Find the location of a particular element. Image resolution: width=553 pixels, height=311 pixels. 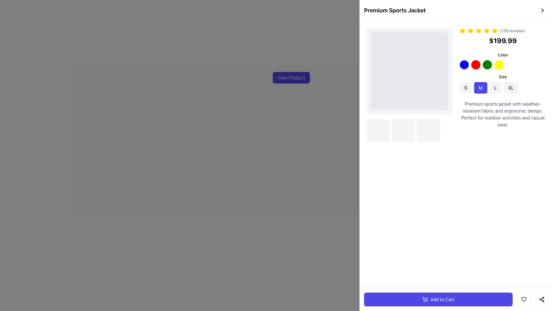

the leftmost button labeled 'S' with a light gray background and black text is located at coordinates (466, 88).